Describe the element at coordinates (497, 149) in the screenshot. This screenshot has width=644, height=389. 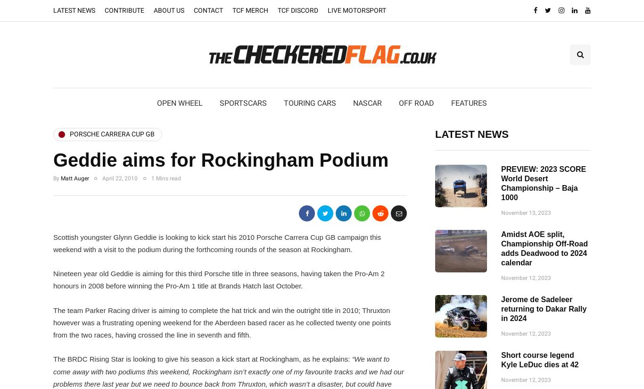
I see `'Recommended Listening'` at that location.